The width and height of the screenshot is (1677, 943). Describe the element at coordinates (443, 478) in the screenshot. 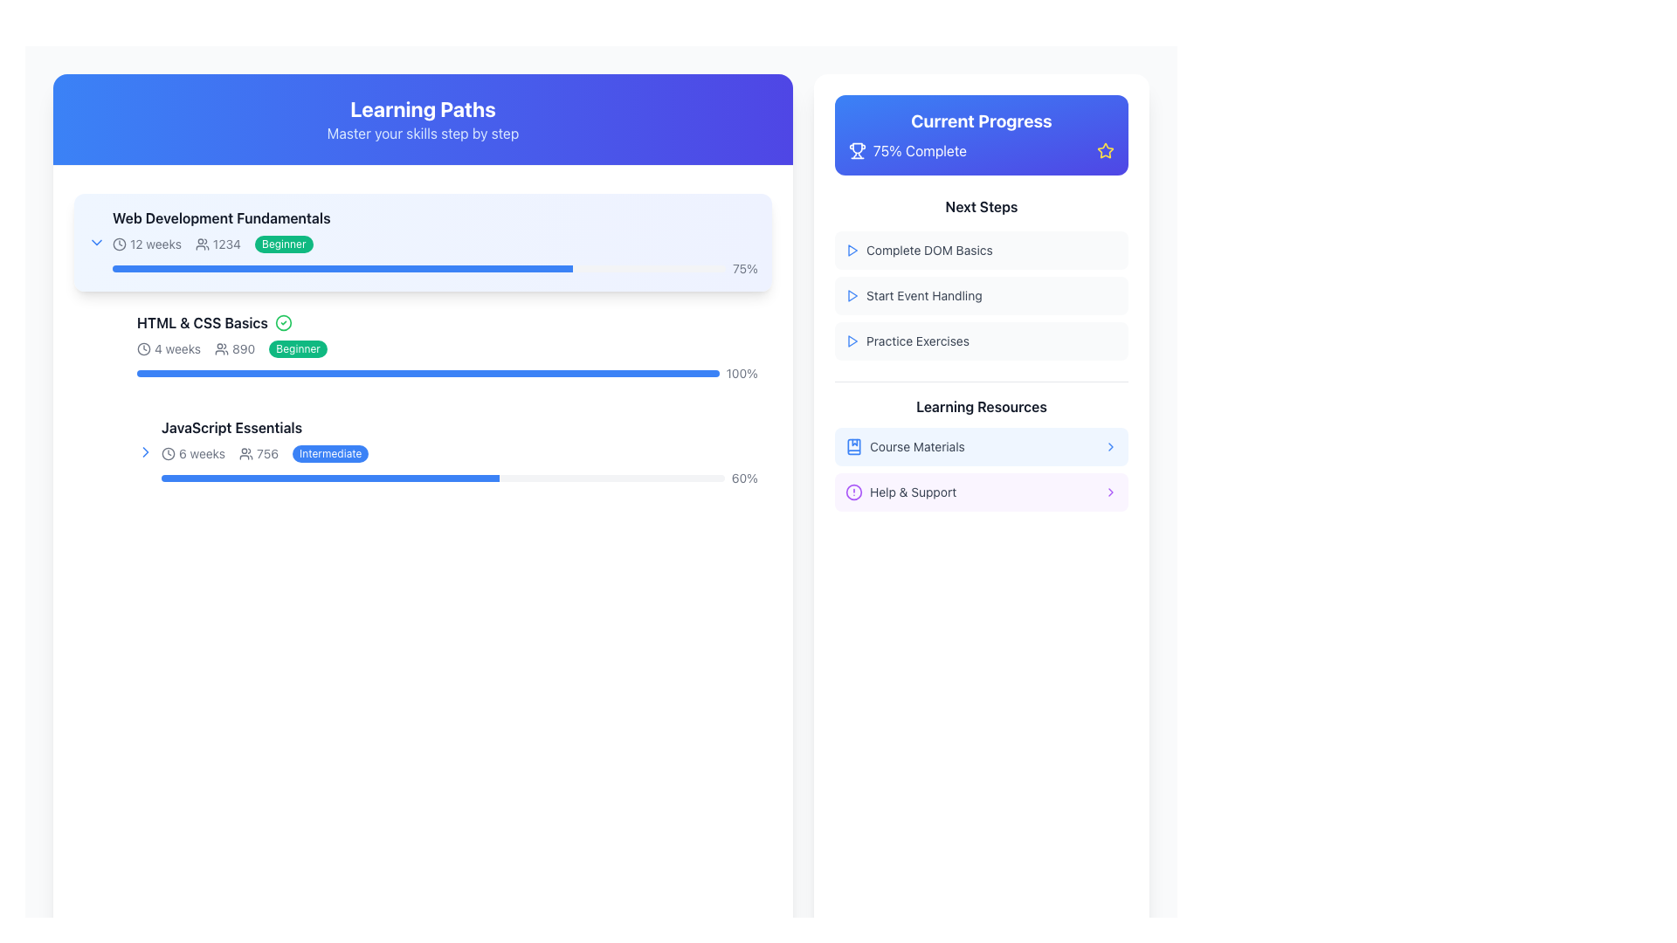

I see `the progress bar associated with the 'JavaScript Essentials' section, which is a horizontal rectangle with a gray background and a blue progress indicator filling 60% of its width` at that location.